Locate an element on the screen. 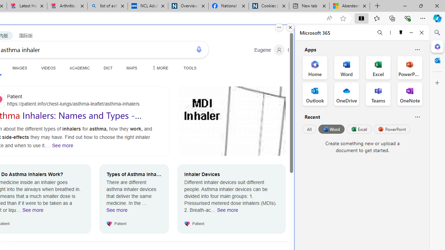  'OneDrive Office App' is located at coordinates (347, 94).